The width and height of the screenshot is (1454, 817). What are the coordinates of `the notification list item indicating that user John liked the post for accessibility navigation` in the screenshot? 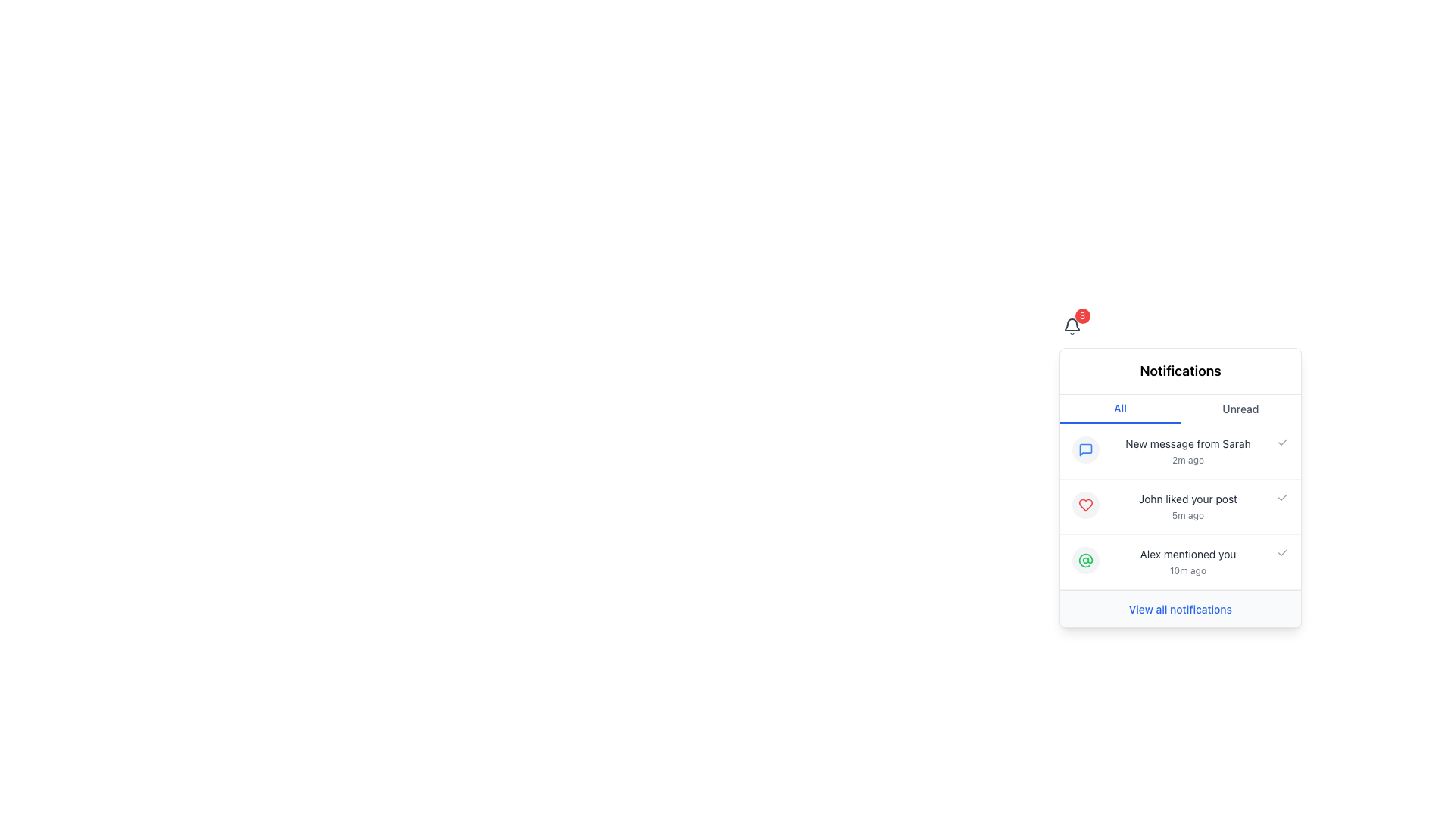 It's located at (1180, 487).